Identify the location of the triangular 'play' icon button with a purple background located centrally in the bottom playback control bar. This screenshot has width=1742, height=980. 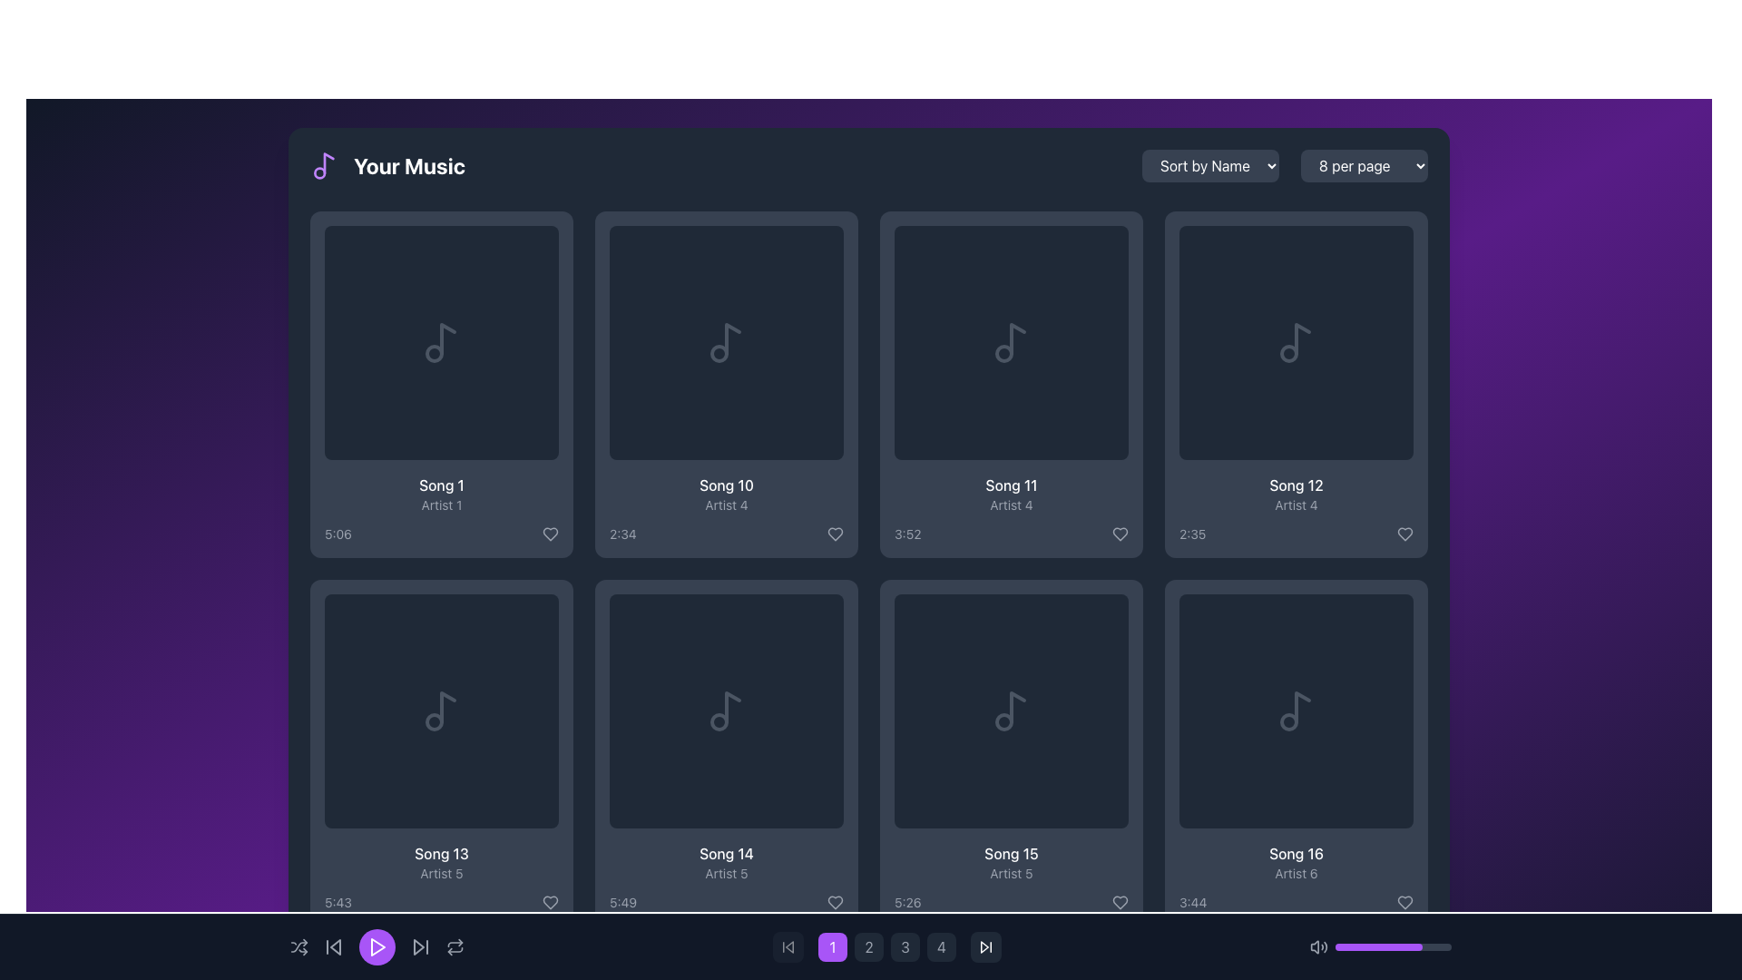
(377, 946).